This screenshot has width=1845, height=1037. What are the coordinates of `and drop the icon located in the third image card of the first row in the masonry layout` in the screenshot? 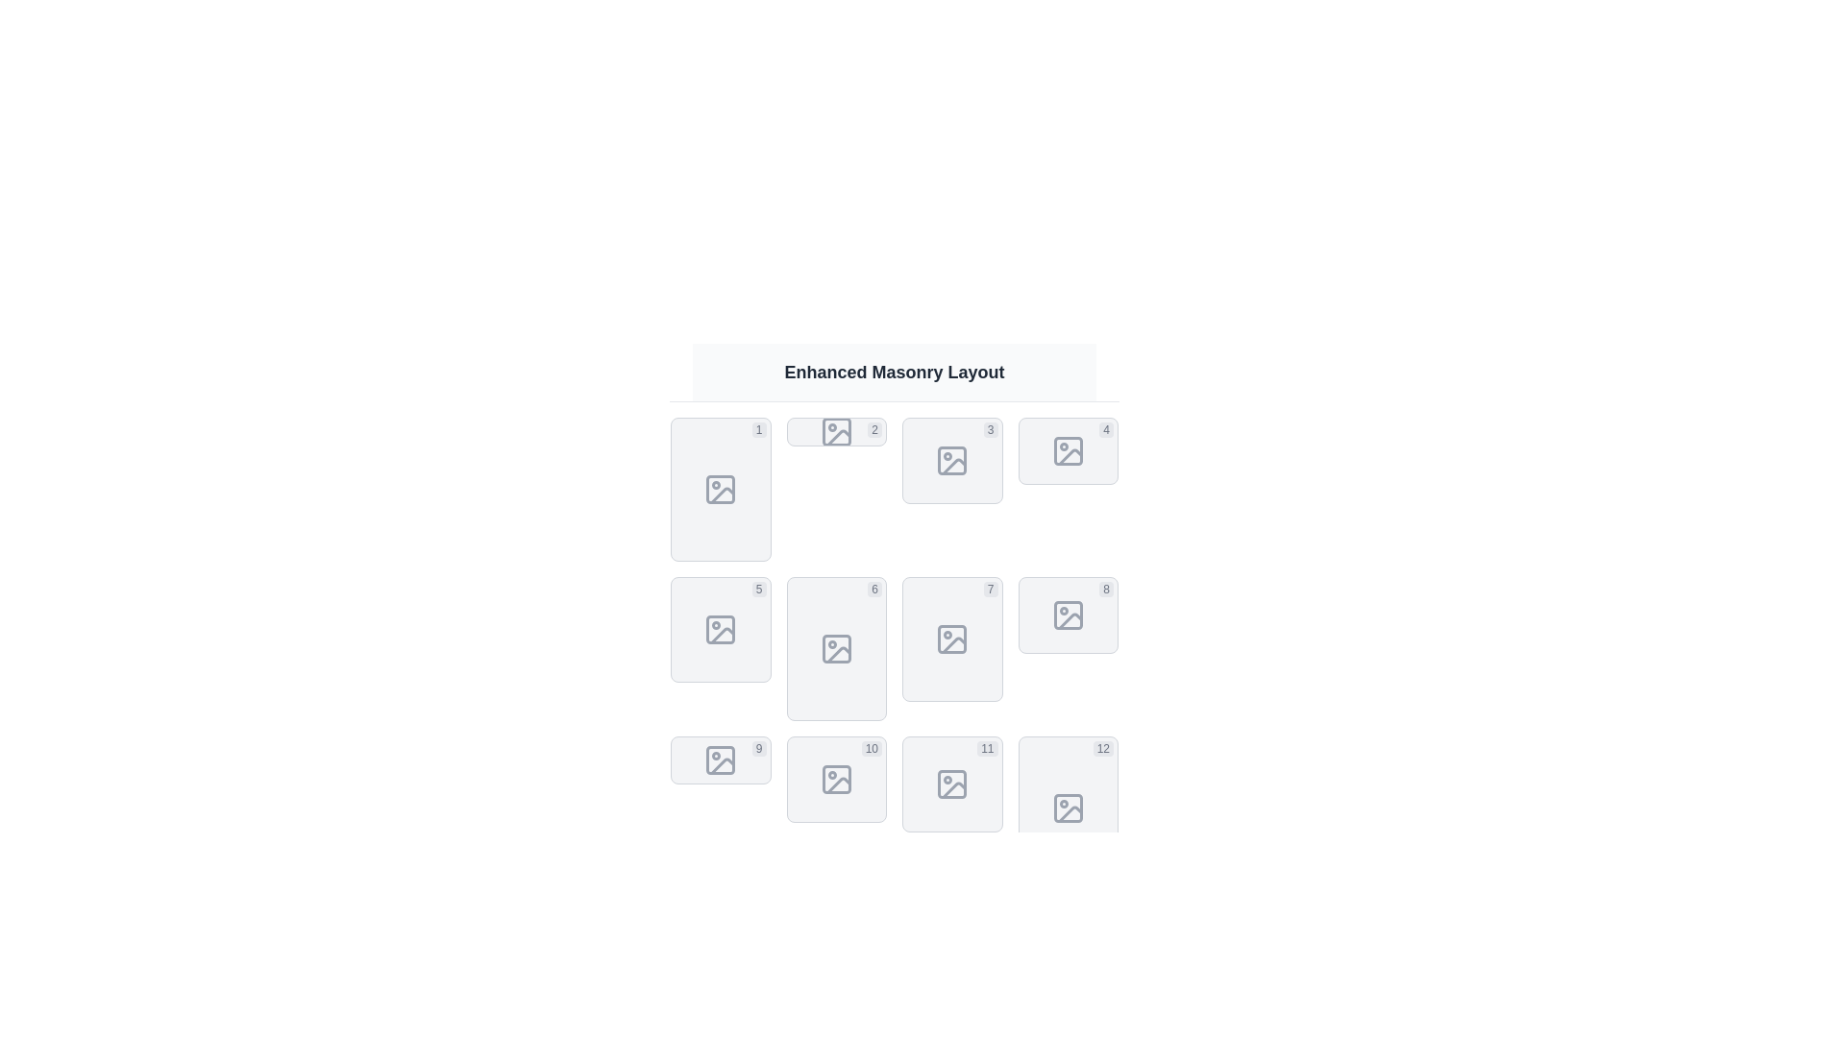 It's located at (952, 460).